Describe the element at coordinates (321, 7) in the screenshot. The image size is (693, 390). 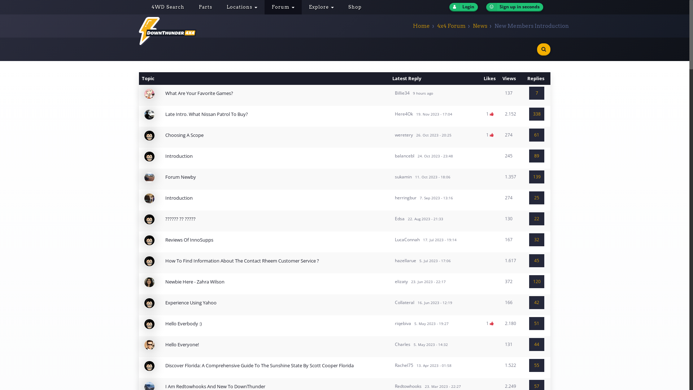
I see `'Explore'` at that location.